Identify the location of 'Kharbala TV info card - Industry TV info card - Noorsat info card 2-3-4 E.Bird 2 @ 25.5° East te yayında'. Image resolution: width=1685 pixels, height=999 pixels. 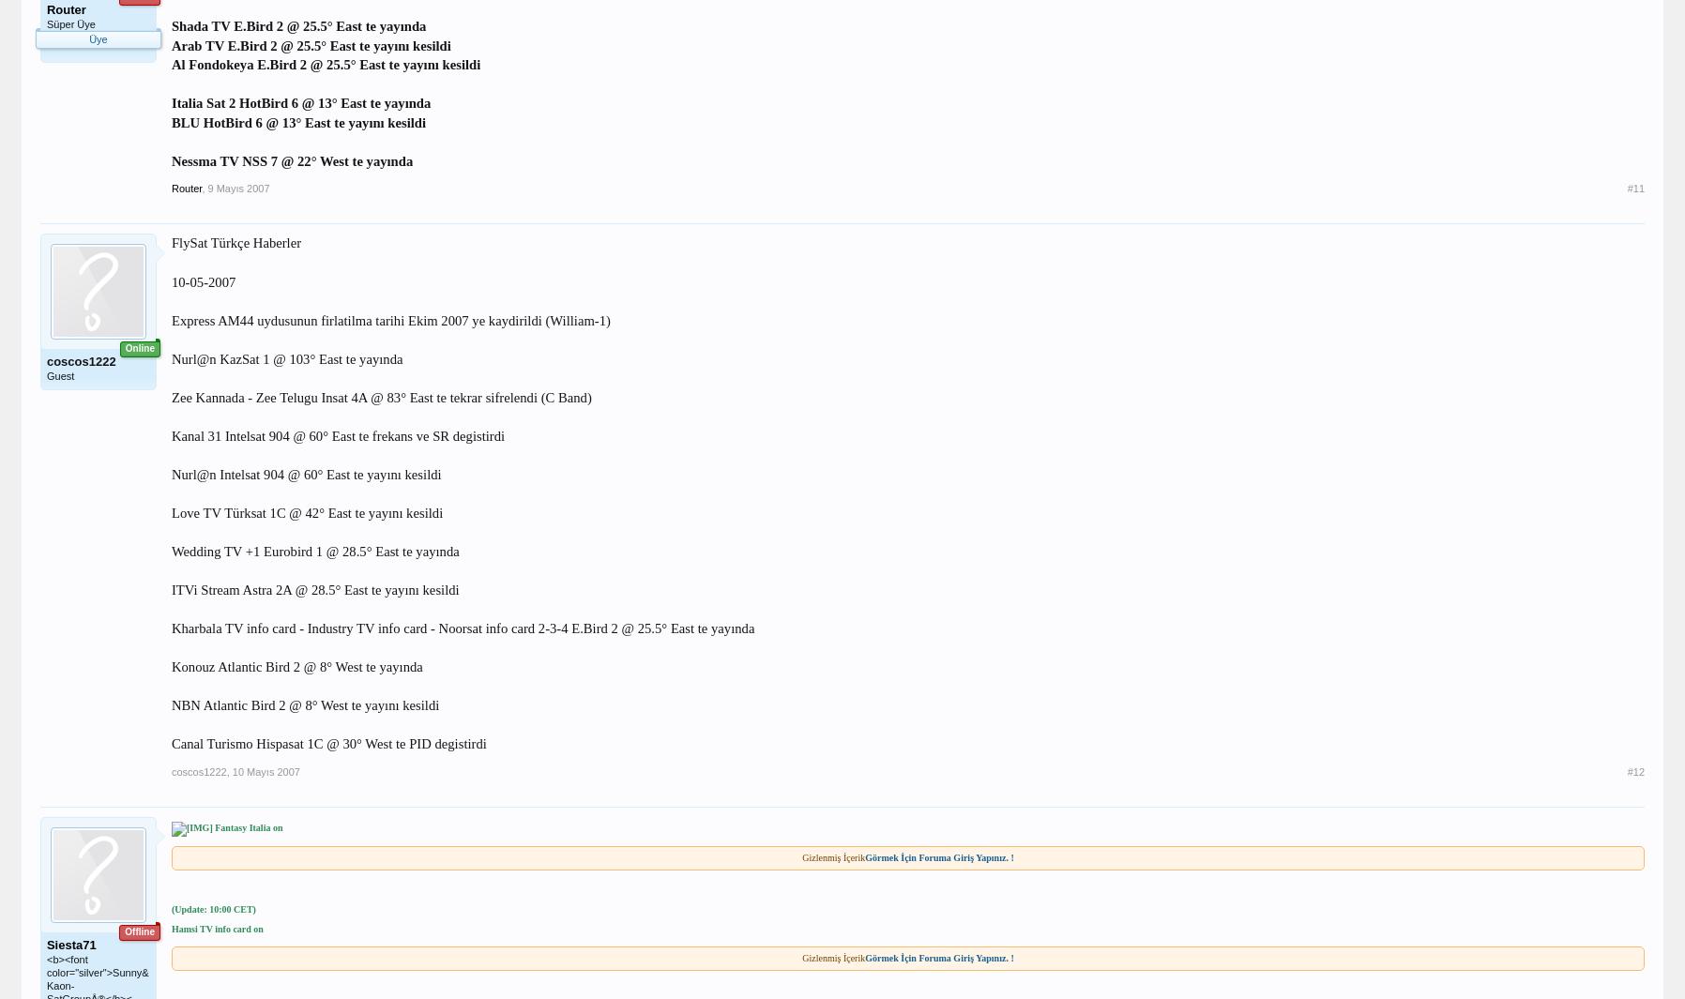
(462, 628).